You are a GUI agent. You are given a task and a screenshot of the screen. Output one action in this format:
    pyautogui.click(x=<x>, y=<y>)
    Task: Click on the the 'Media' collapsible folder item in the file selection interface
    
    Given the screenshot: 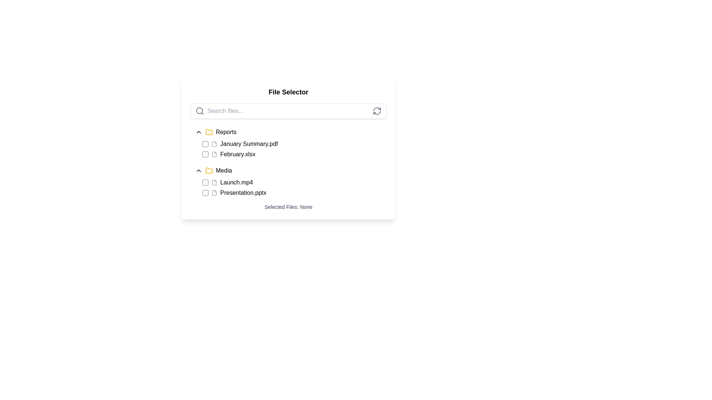 What is the action you would take?
    pyautogui.click(x=288, y=180)
    